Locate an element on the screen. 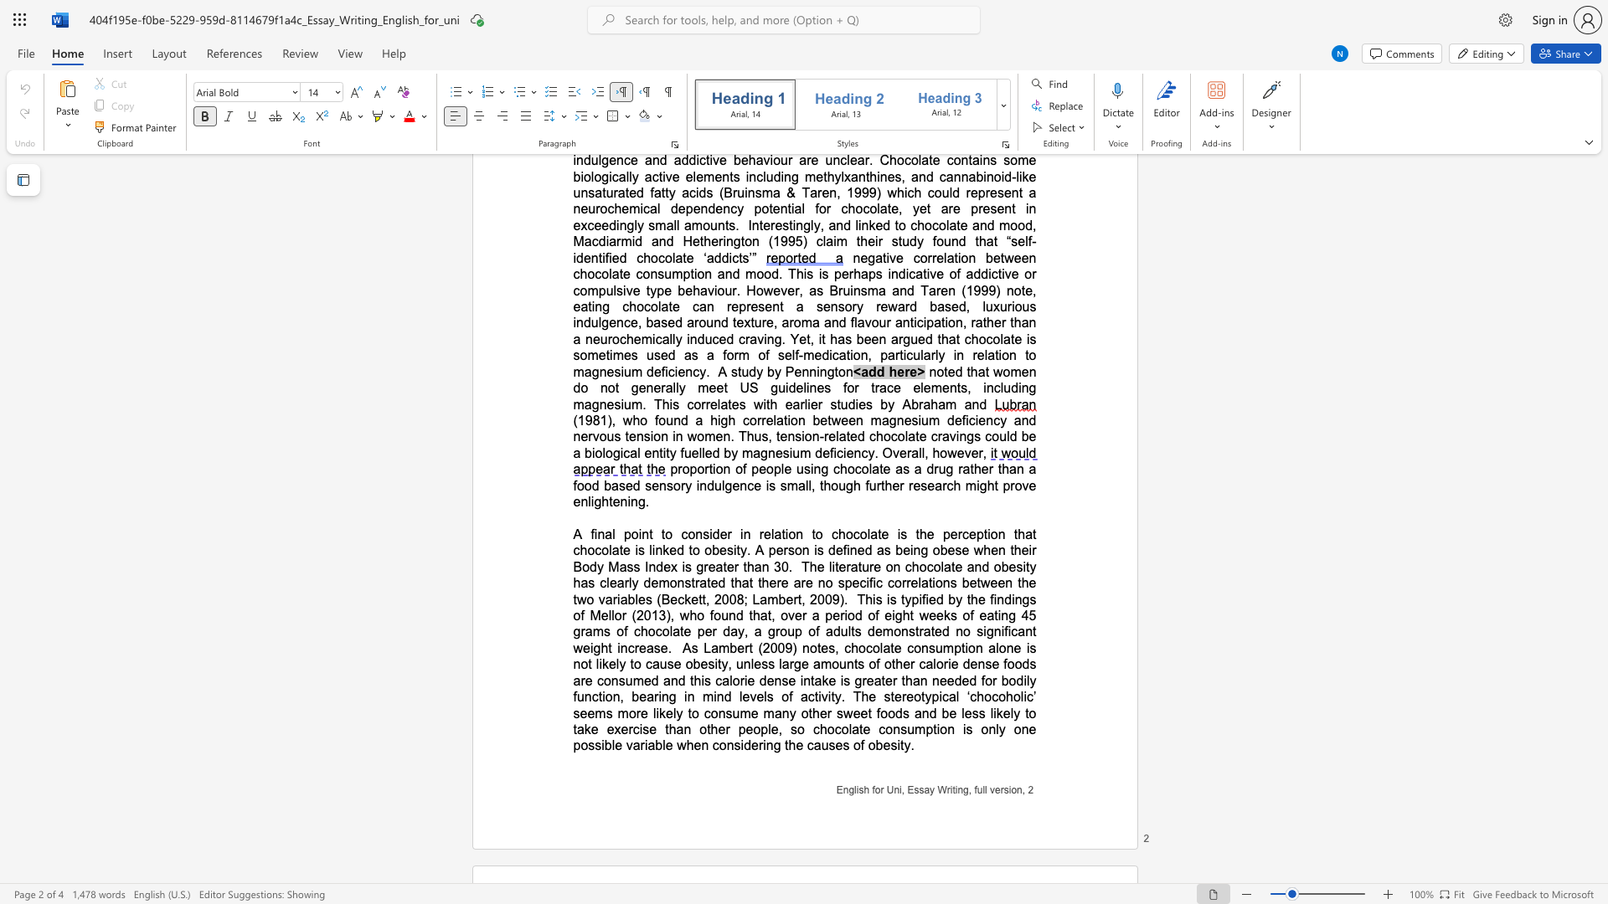  the subset text "mounts" within the text "large amounts" is located at coordinates (820, 663).